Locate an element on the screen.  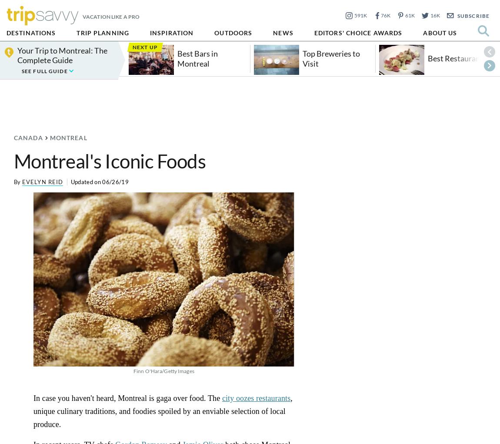
', unique culinary traditions, and foodies spoiled by an enviable selection of local produce.' is located at coordinates (163, 410).